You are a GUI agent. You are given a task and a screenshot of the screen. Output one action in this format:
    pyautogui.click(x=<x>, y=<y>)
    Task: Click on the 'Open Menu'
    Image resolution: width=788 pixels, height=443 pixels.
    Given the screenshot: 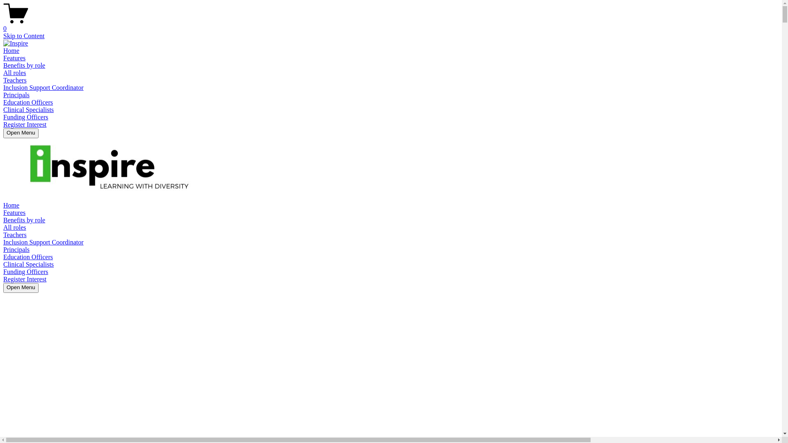 What is the action you would take?
    pyautogui.click(x=21, y=132)
    